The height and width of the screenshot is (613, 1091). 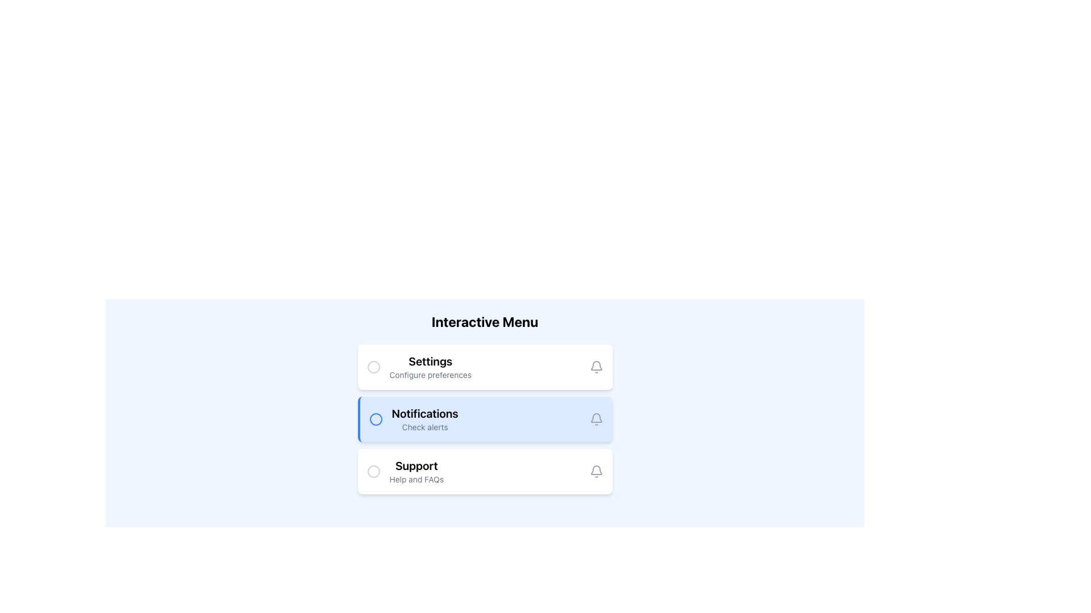 What do you see at coordinates (430, 361) in the screenshot?
I see `text of the 'Settings' label, which is a bold and larger font styled text located at the top-left section of a rectangular card` at bounding box center [430, 361].